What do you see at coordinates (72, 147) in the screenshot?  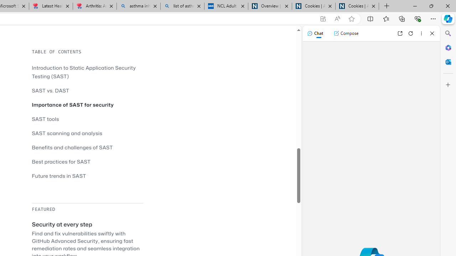 I see `'Benefits and challenges of SAST'` at bounding box center [72, 147].